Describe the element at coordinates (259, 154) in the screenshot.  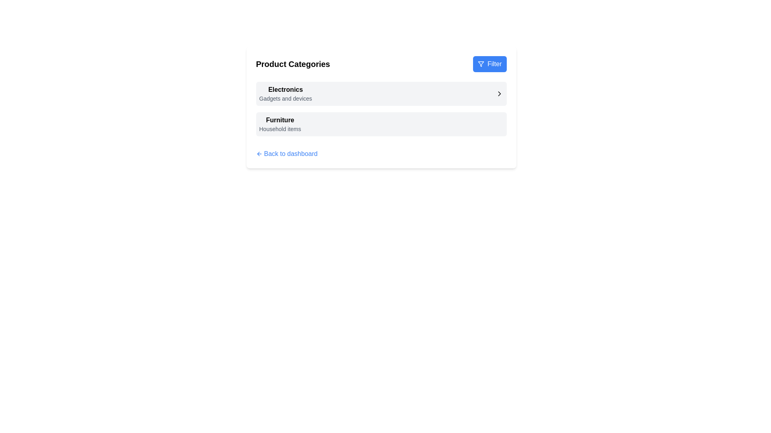
I see `the leftward arrow icon with a thin blue outline located before the text 'Back to dashboard'` at that location.